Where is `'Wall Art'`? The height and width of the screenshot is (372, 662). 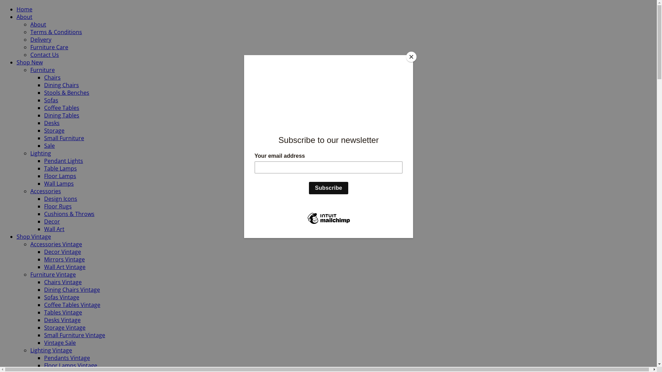 'Wall Art' is located at coordinates (54, 229).